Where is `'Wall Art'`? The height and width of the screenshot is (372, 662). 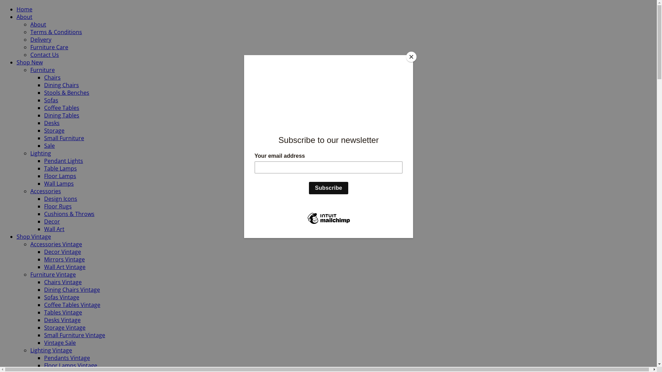 'Wall Art' is located at coordinates (54, 229).